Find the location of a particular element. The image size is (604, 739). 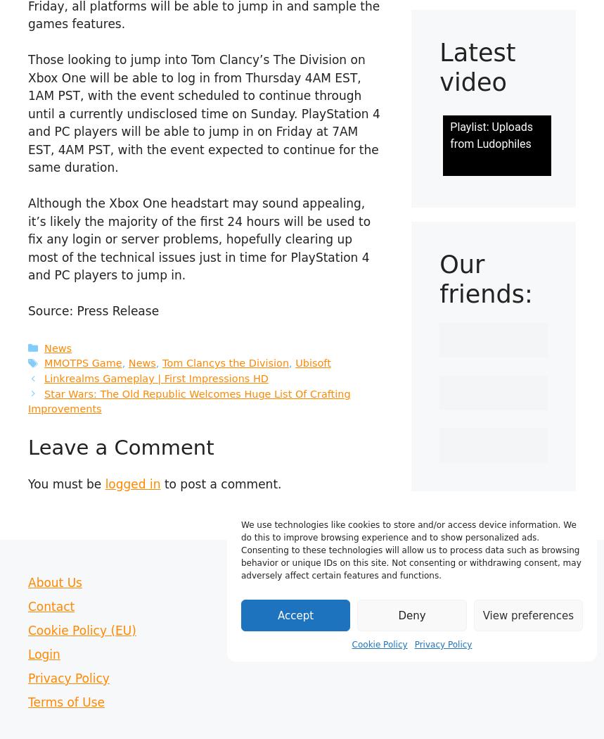

'Terms of Use' is located at coordinates (65, 701).